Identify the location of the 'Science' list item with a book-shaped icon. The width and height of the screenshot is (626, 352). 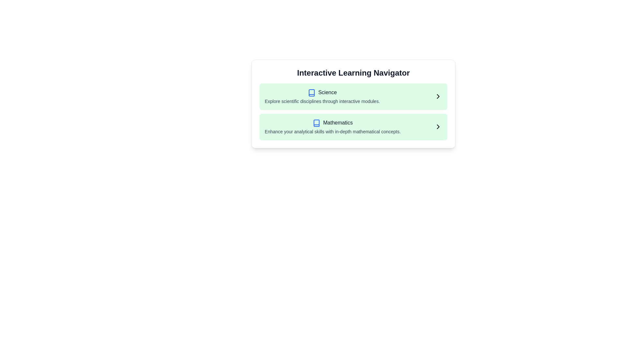
(322, 96).